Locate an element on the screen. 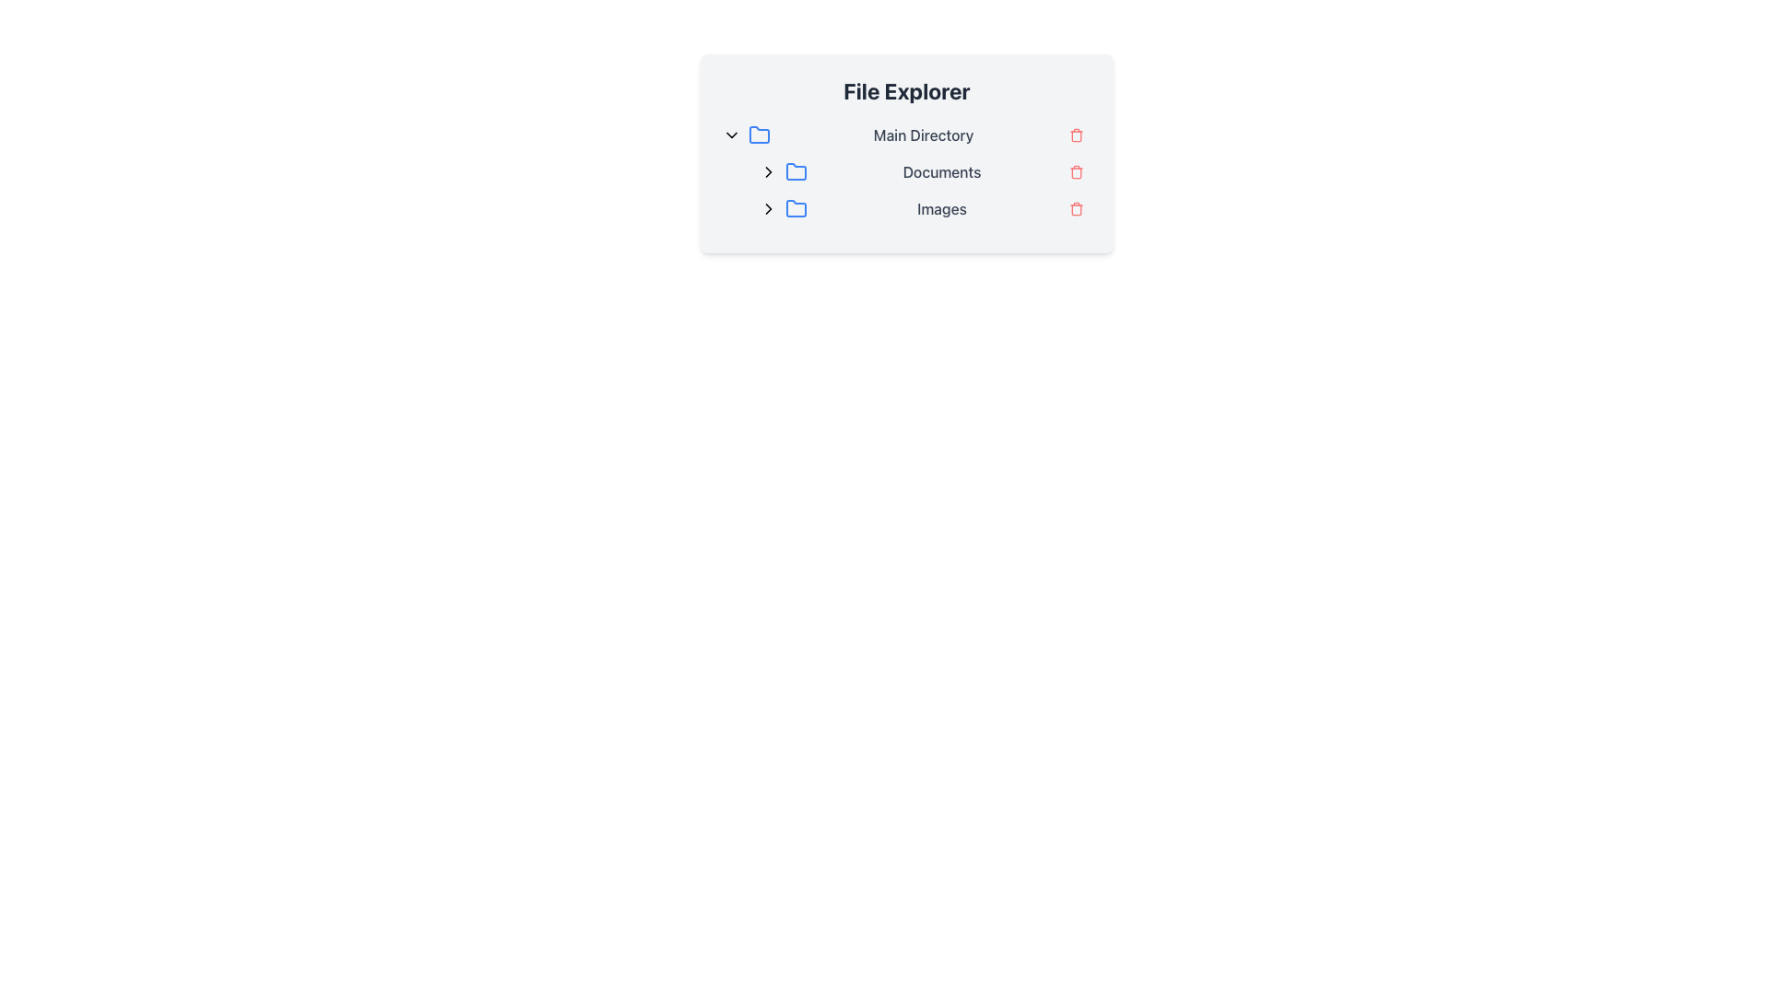 The height and width of the screenshot is (995, 1770). the trash bin icon button on the far right side of the 'Main Directory' row is located at coordinates (1076, 134).